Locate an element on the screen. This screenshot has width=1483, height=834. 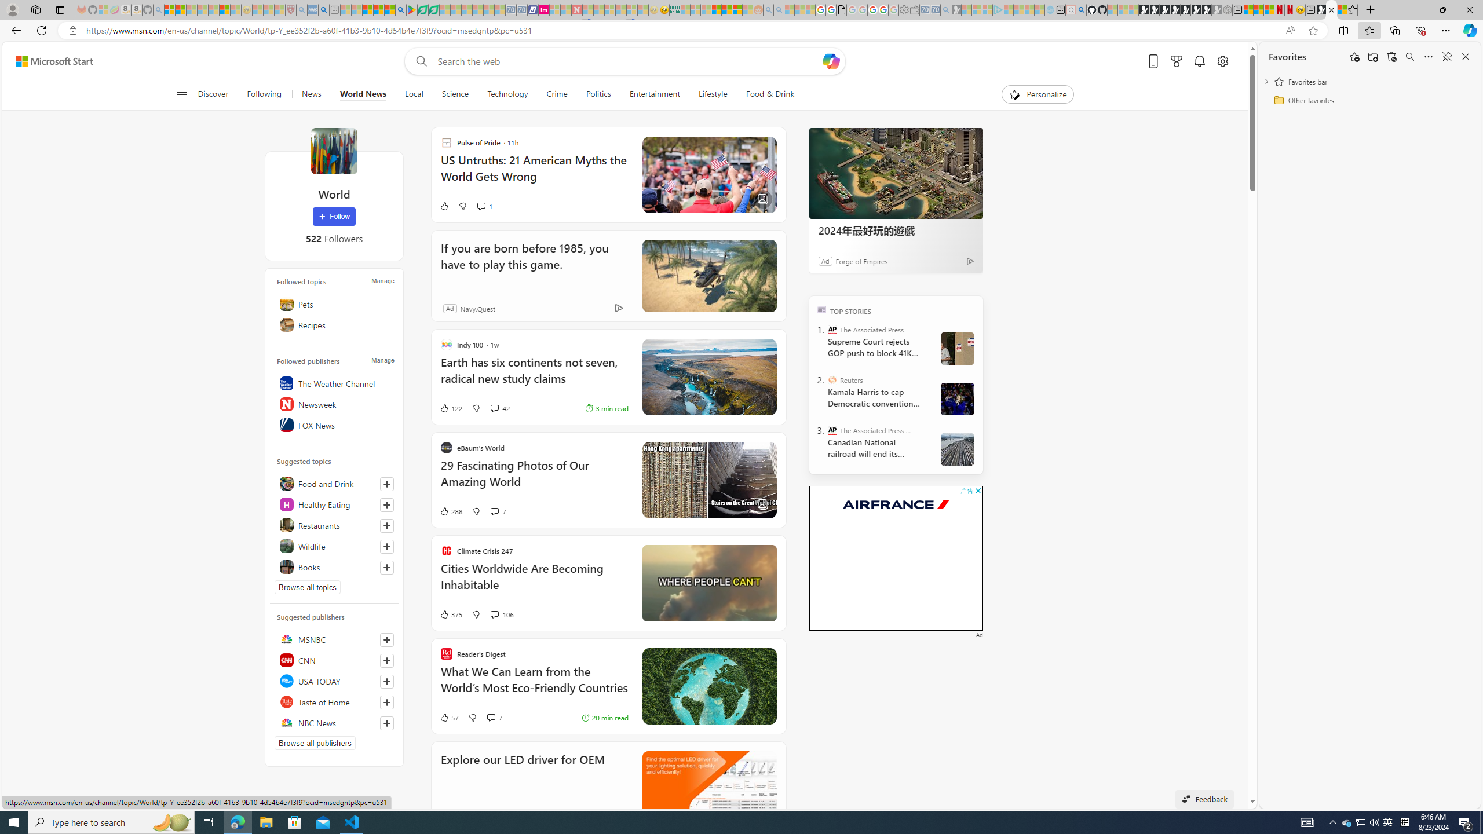
'Reuters' is located at coordinates (831, 379).